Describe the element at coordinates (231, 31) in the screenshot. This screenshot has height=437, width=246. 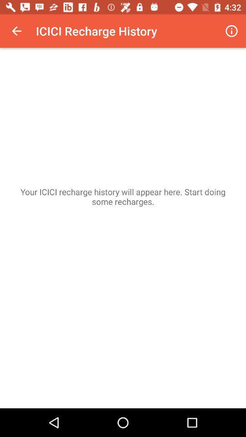
I see `icon next to icici recharge history item` at that location.